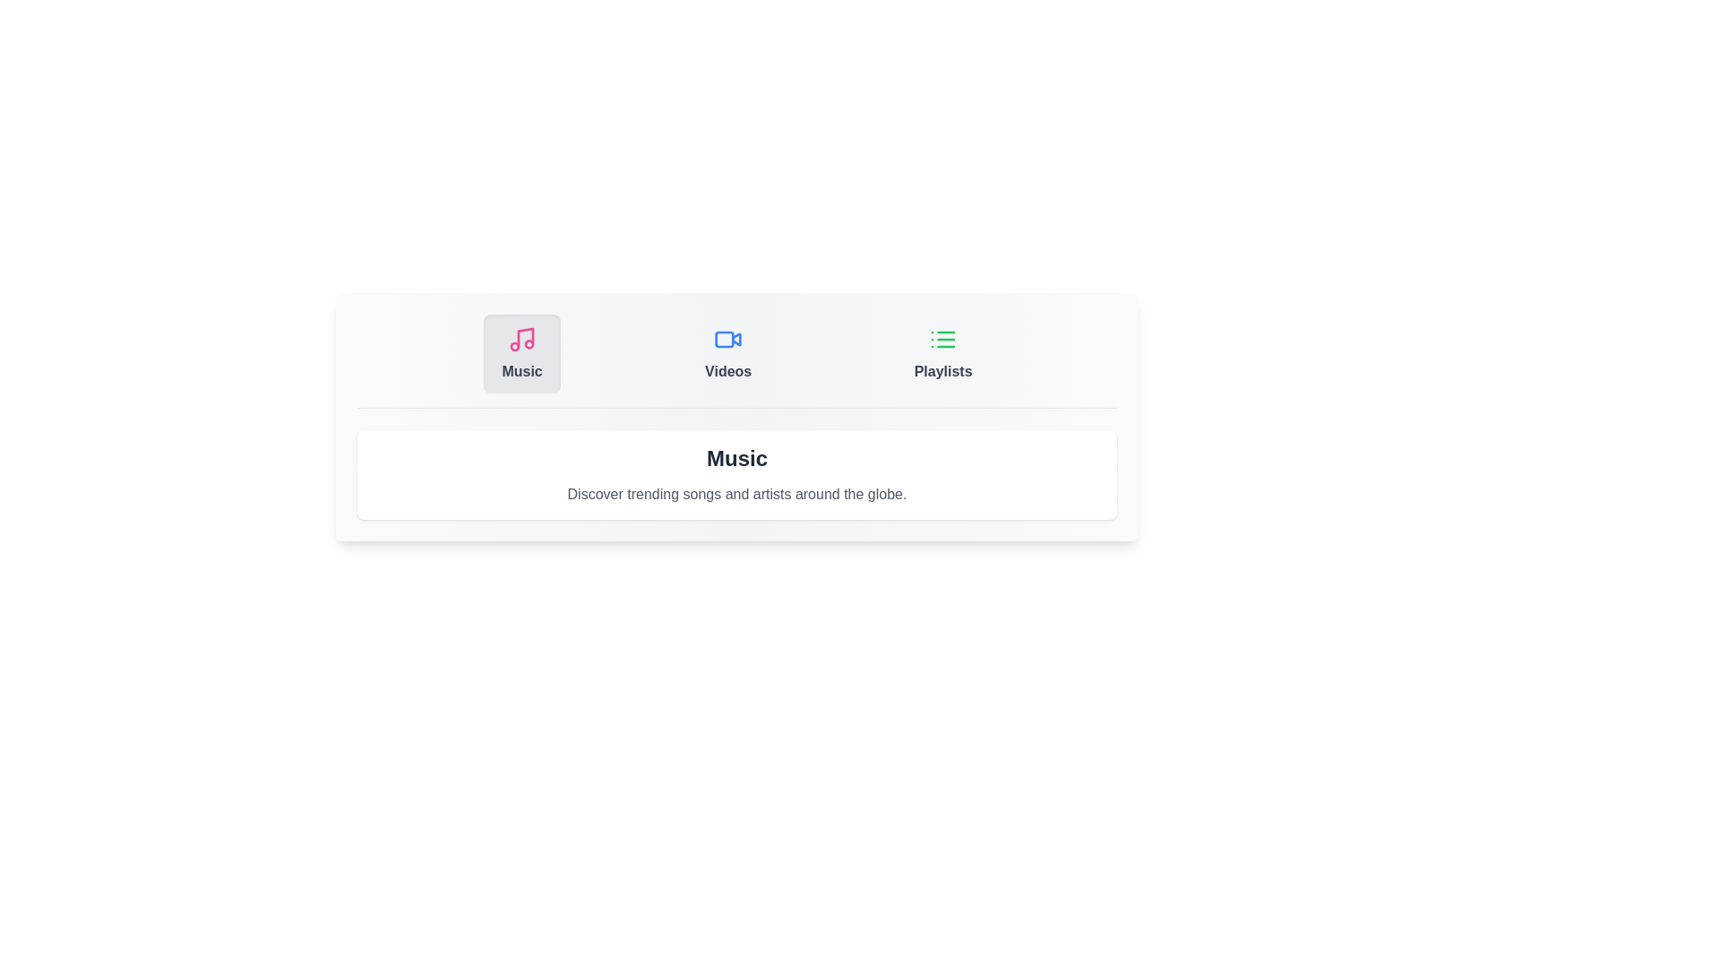  I want to click on the tab labeled Playlists, so click(942, 353).